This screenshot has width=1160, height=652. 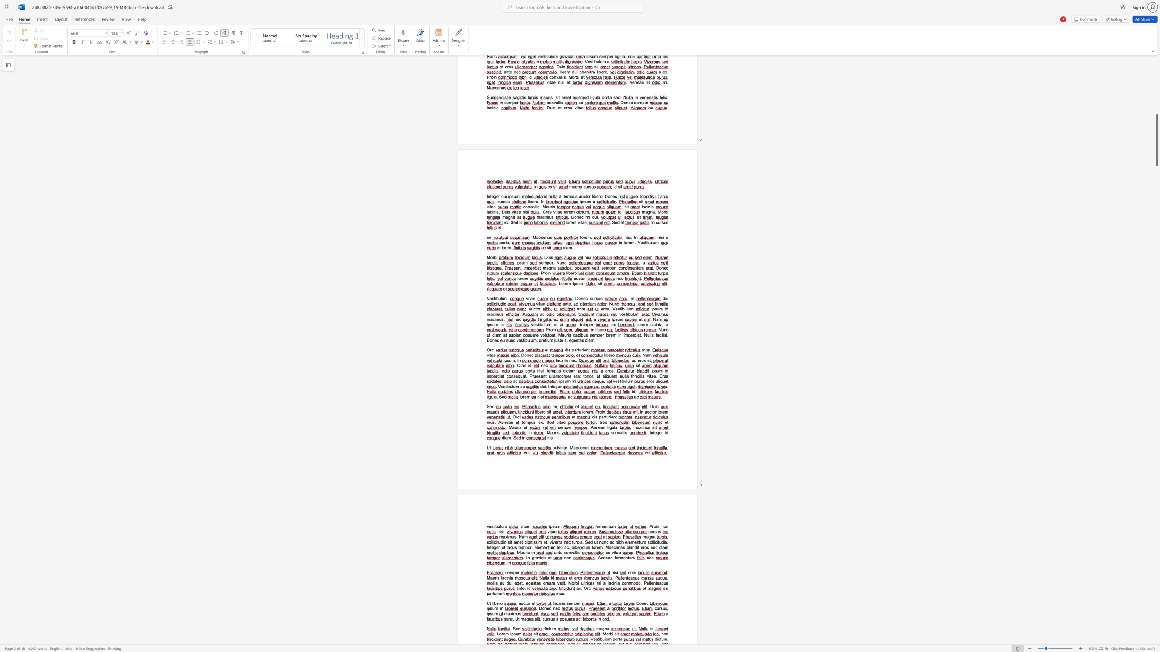 I want to click on the 1th character "U" in the text, so click(x=488, y=603).